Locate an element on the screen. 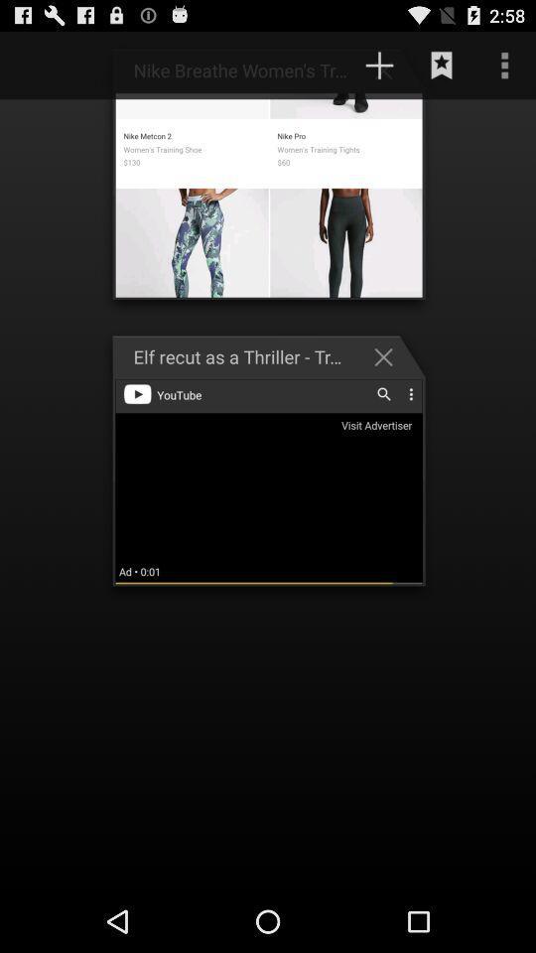  the add icon is located at coordinates (379, 69).